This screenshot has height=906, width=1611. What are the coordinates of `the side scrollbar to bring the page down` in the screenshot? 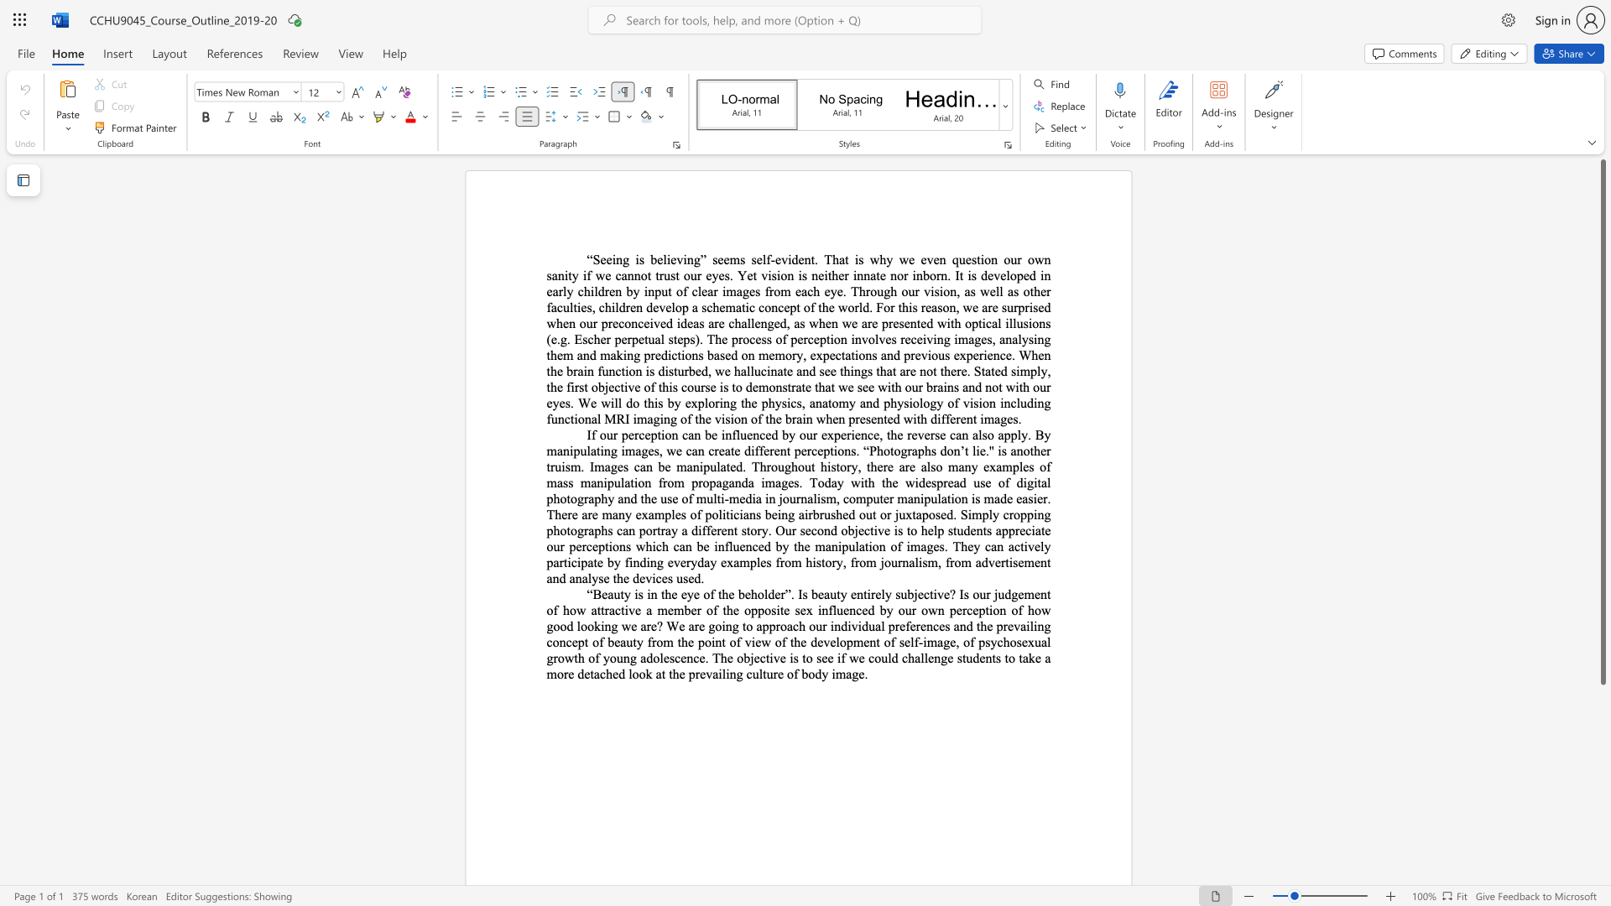 It's located at (1602, 847).